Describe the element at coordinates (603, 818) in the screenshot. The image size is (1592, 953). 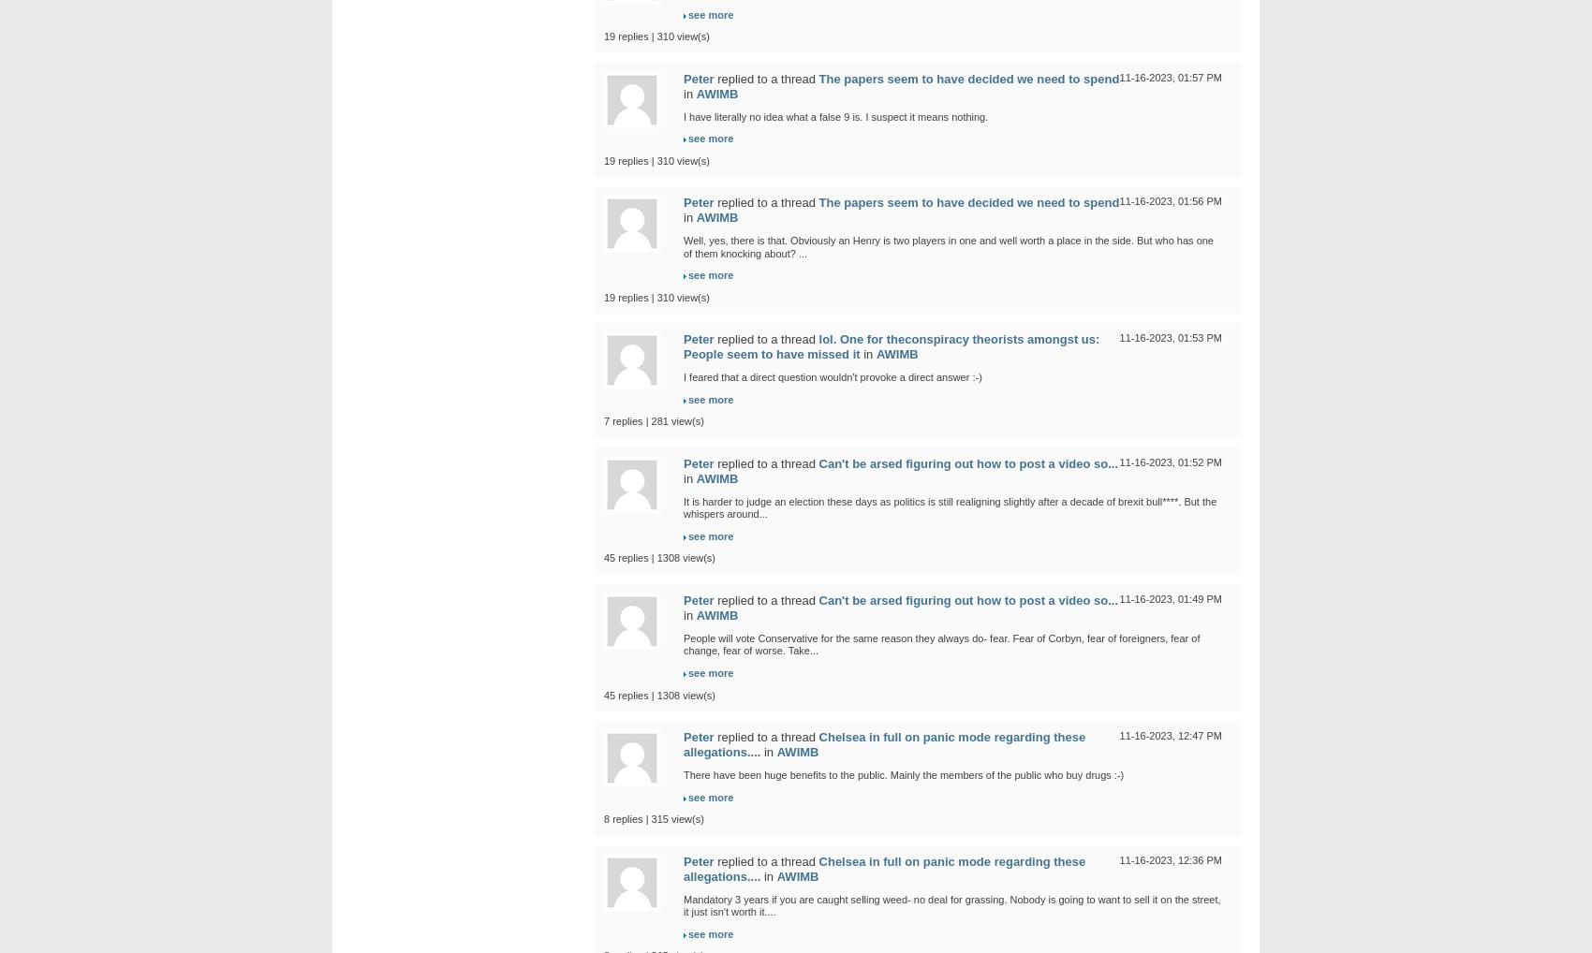
I see `'8 replies | 315 view(s)'` at that location.